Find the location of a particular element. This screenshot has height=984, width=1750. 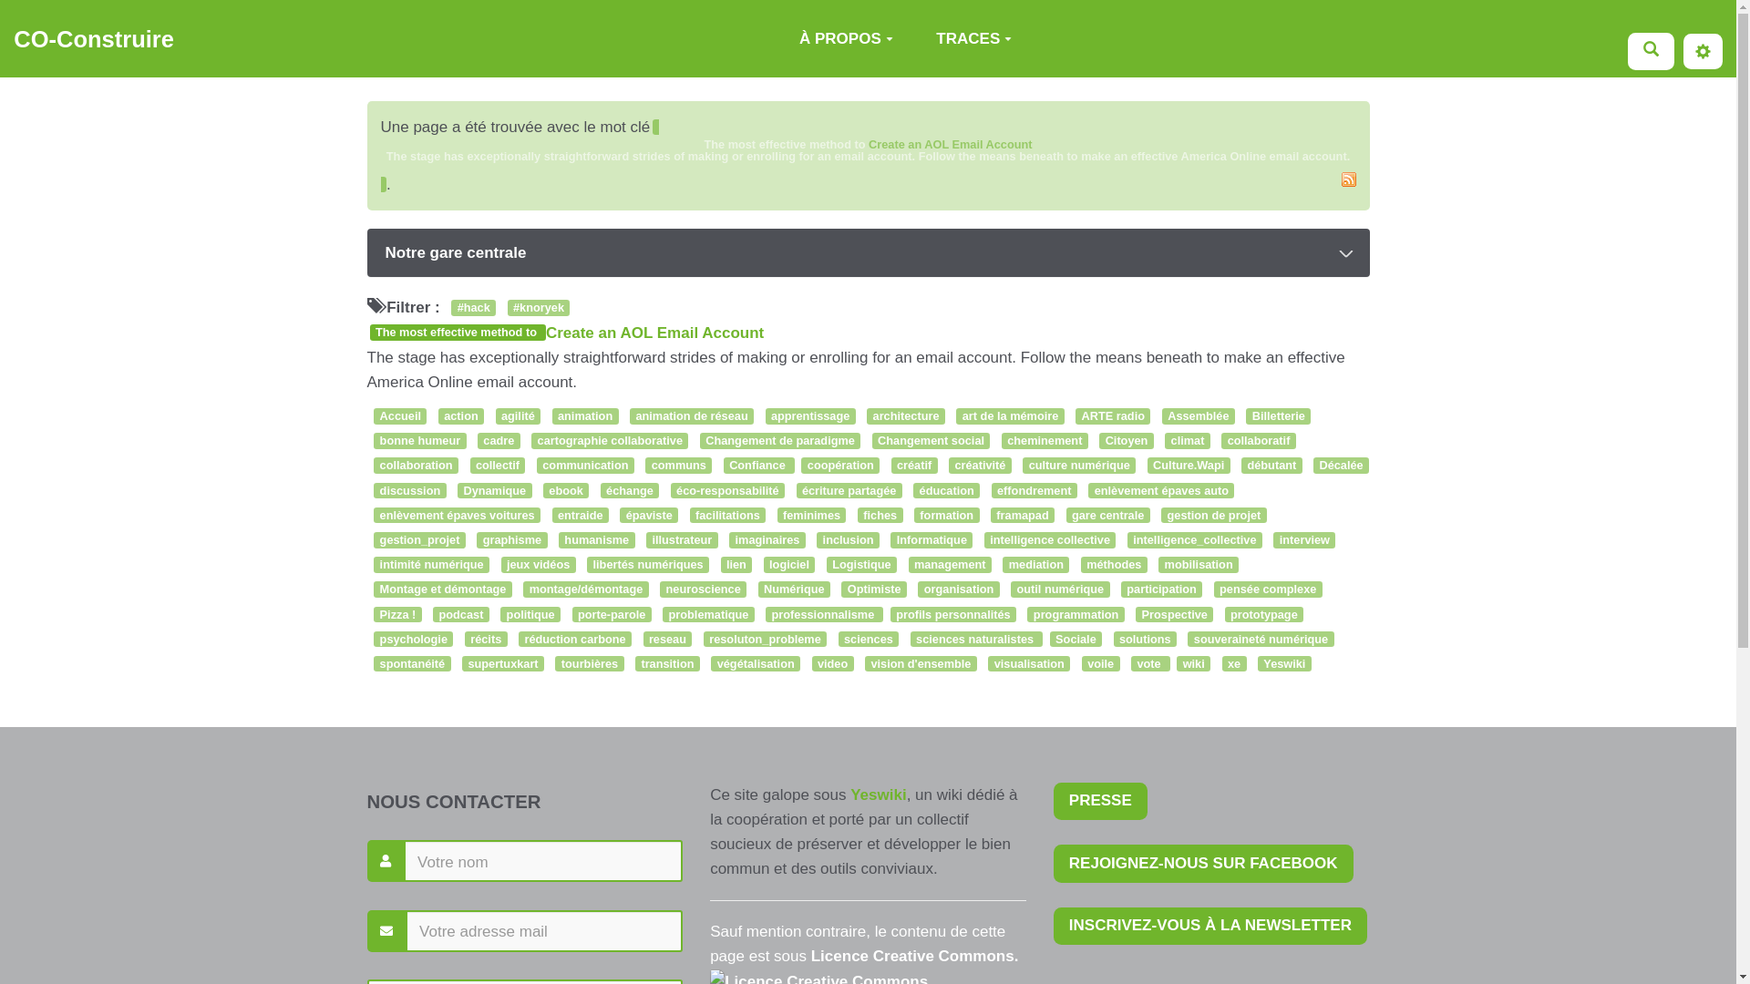

'graphisme' is located at coordinates (510, 539).